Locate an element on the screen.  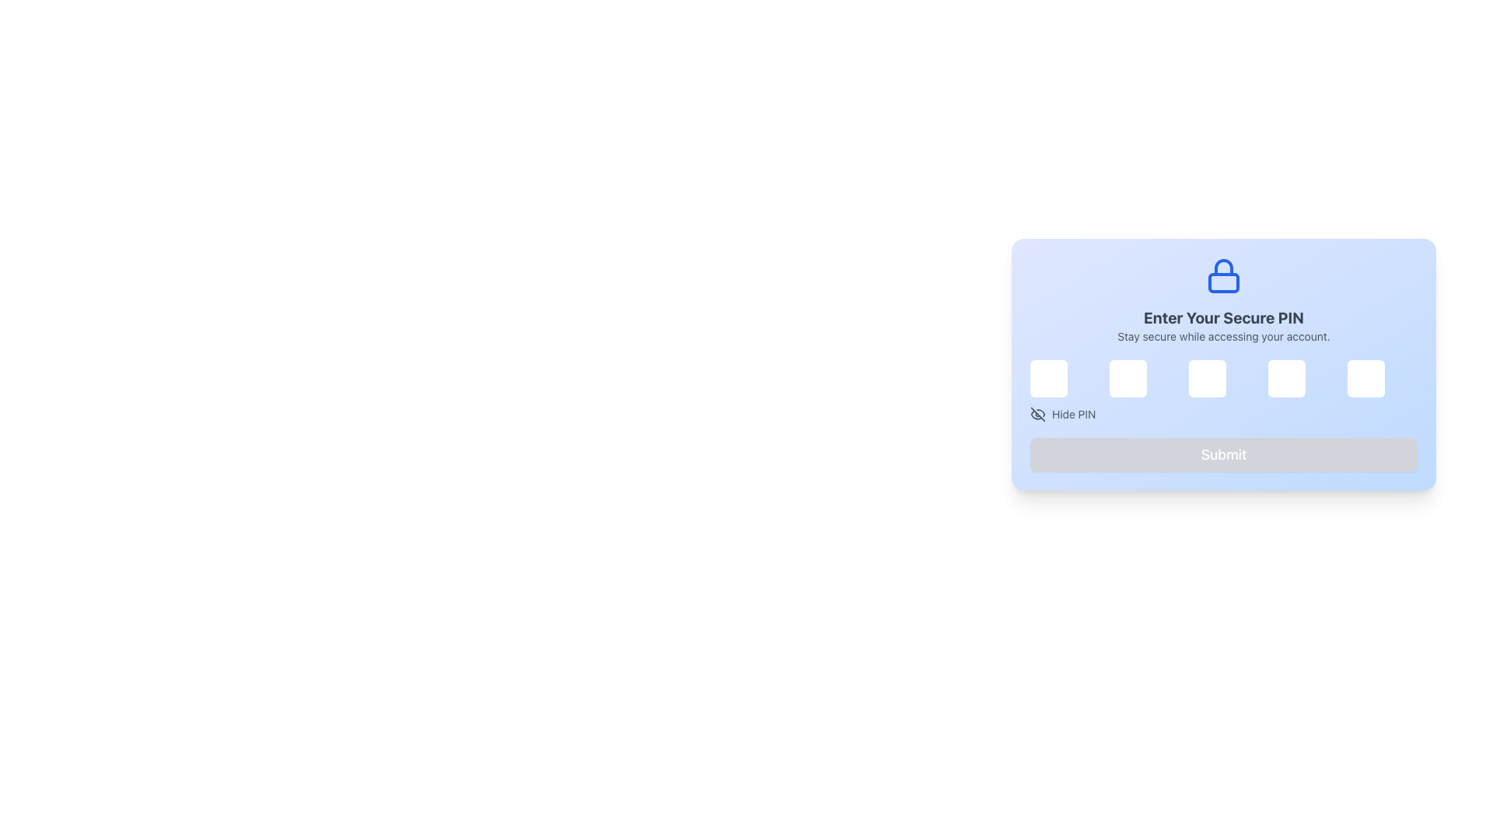
the text label displaying 'Stay secure while accessing your account.' which is positioned below the prompt 'Enter Your Secure PIN' is located at coordinates (1223, 335).